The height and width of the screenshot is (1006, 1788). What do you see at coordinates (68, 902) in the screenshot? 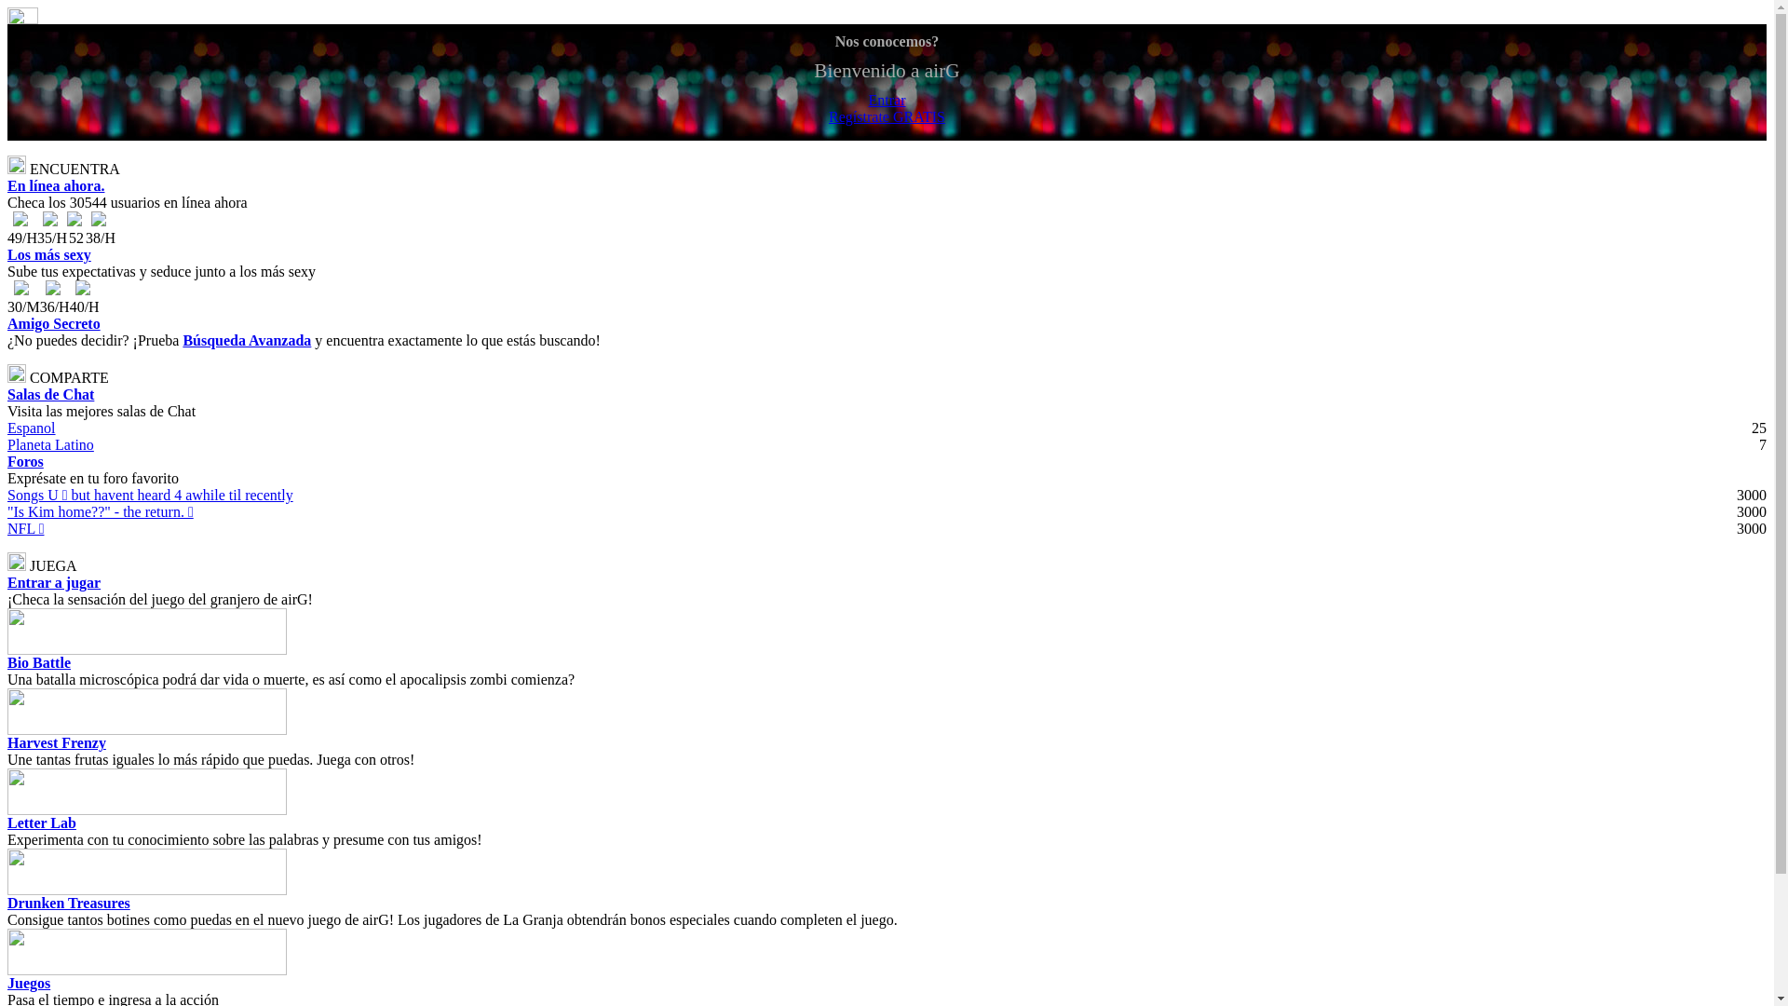
I see `'Drunken Treasures'` at bounding box center [68, 902].